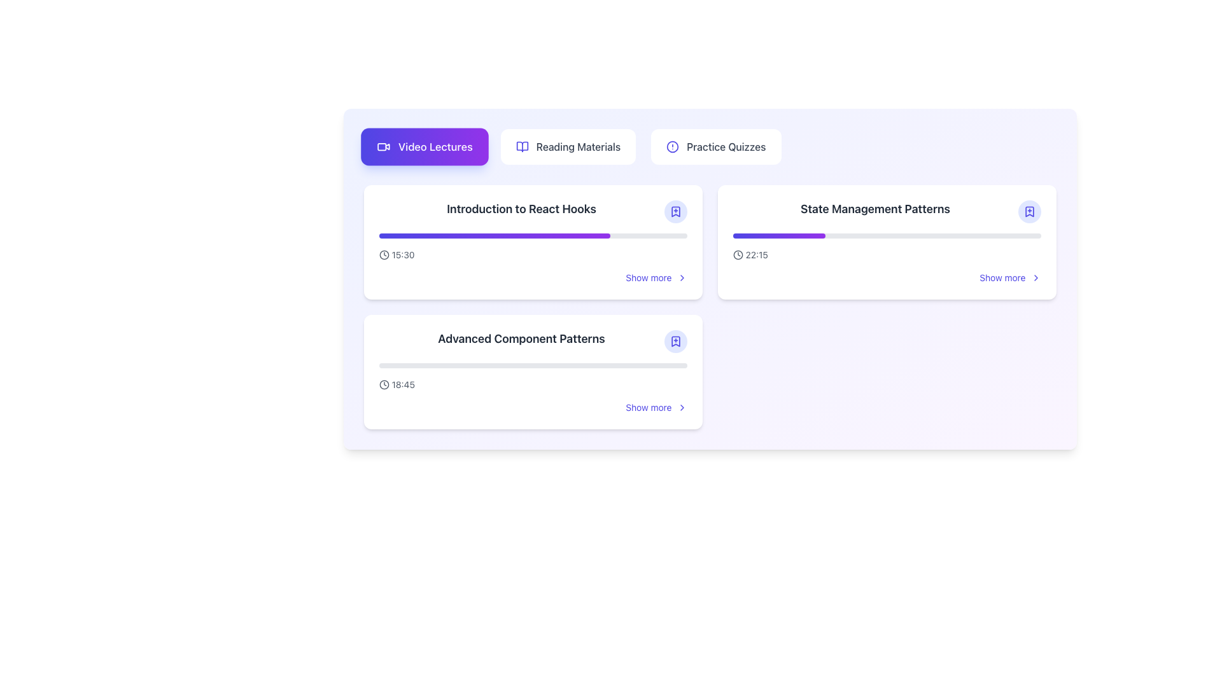 Image resolution: width=1222 pixels, height=687 pixels. I want to click on the static text label within the button component that guides users to practice quizzes, located centrally in a group of buttons near the top-right area of the interface, so click(726, 146).